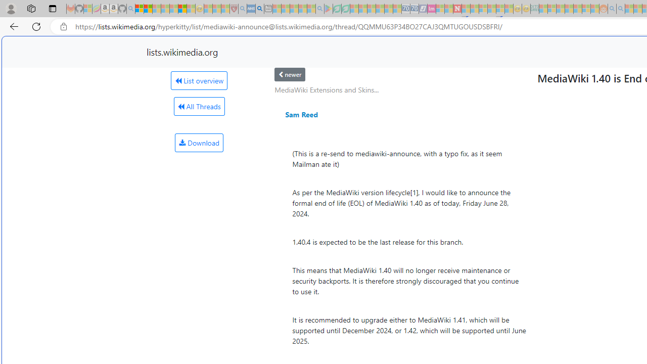 The height and width of the screenshot is (364, 647). What do you see at coordinates (578, 9) in the screenshot?
I see `'Kinda Frugal - MSN - Sleeping'` at bounding box center [578, 9].